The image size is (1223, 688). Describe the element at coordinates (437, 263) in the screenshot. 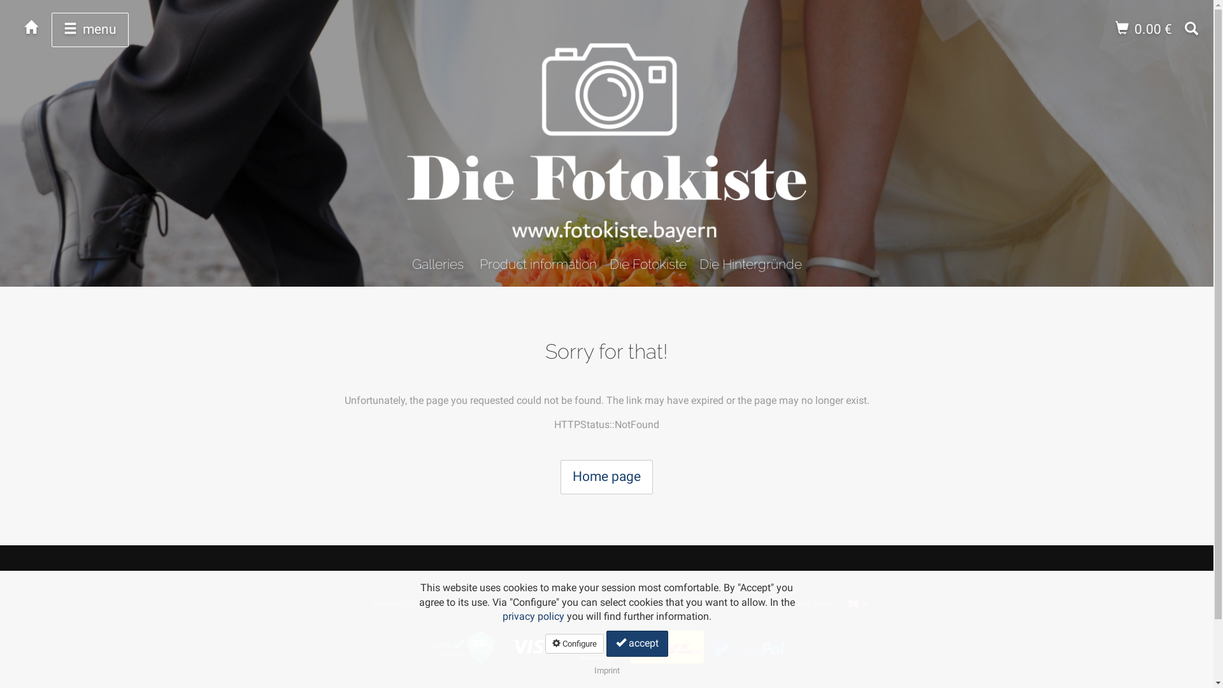

I see `'Galleries'` at that location.